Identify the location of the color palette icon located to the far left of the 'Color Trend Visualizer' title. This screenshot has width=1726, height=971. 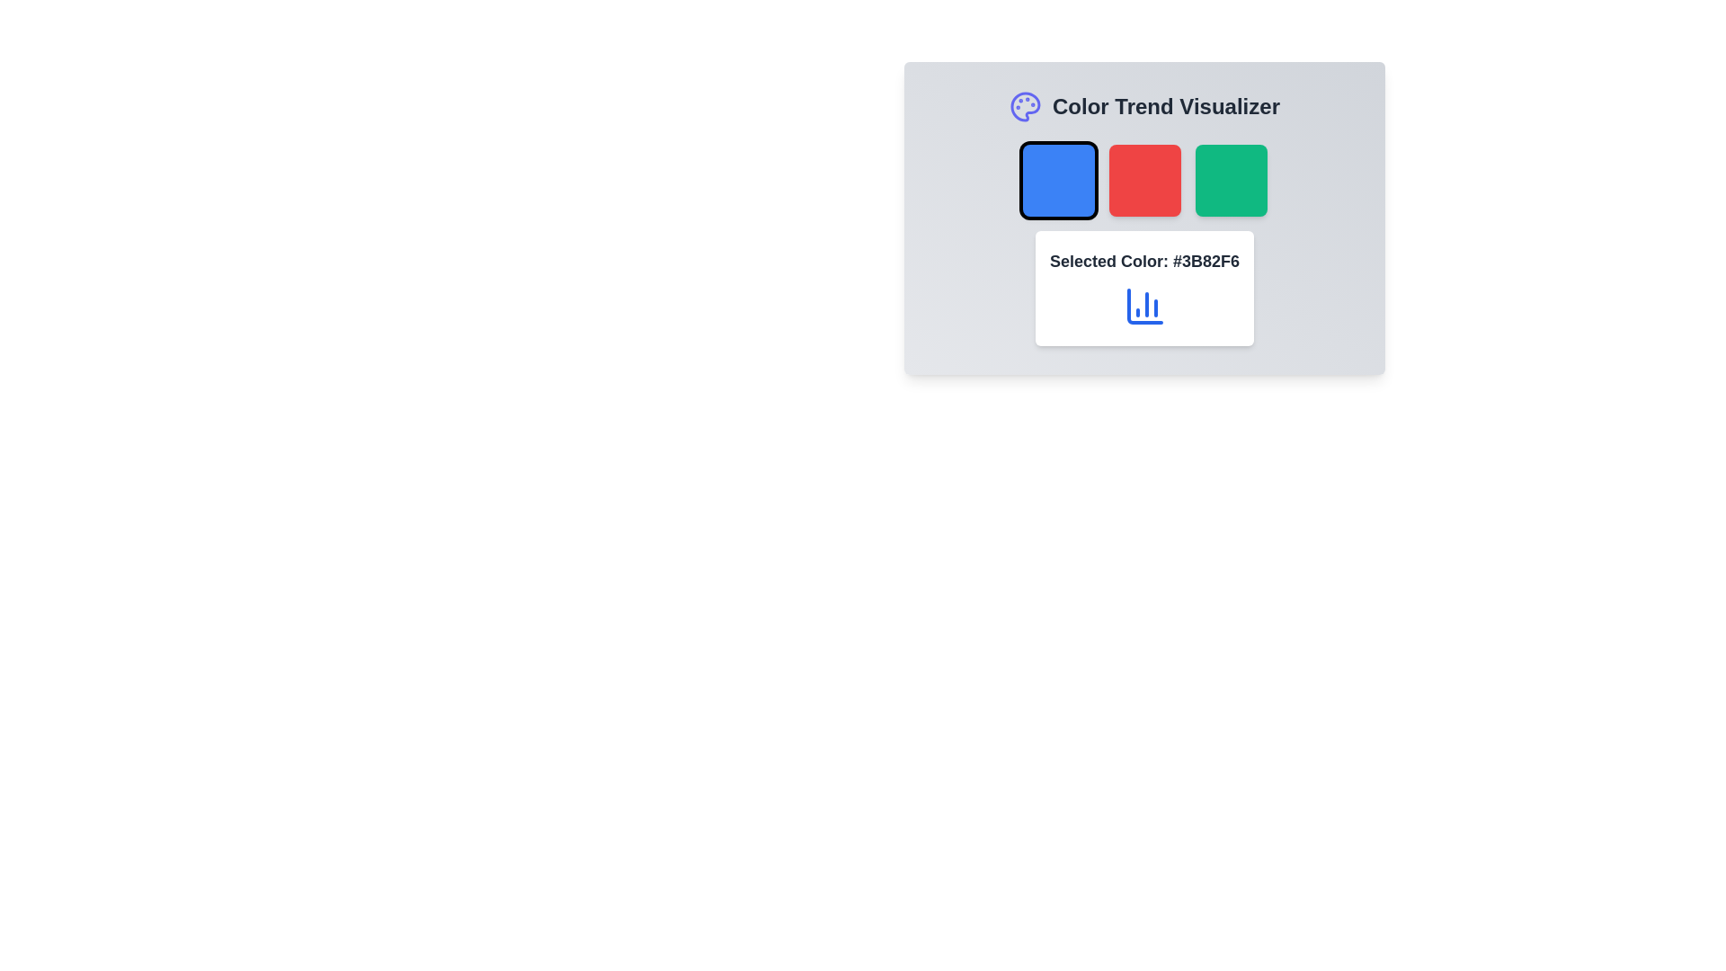
(1026, 107).